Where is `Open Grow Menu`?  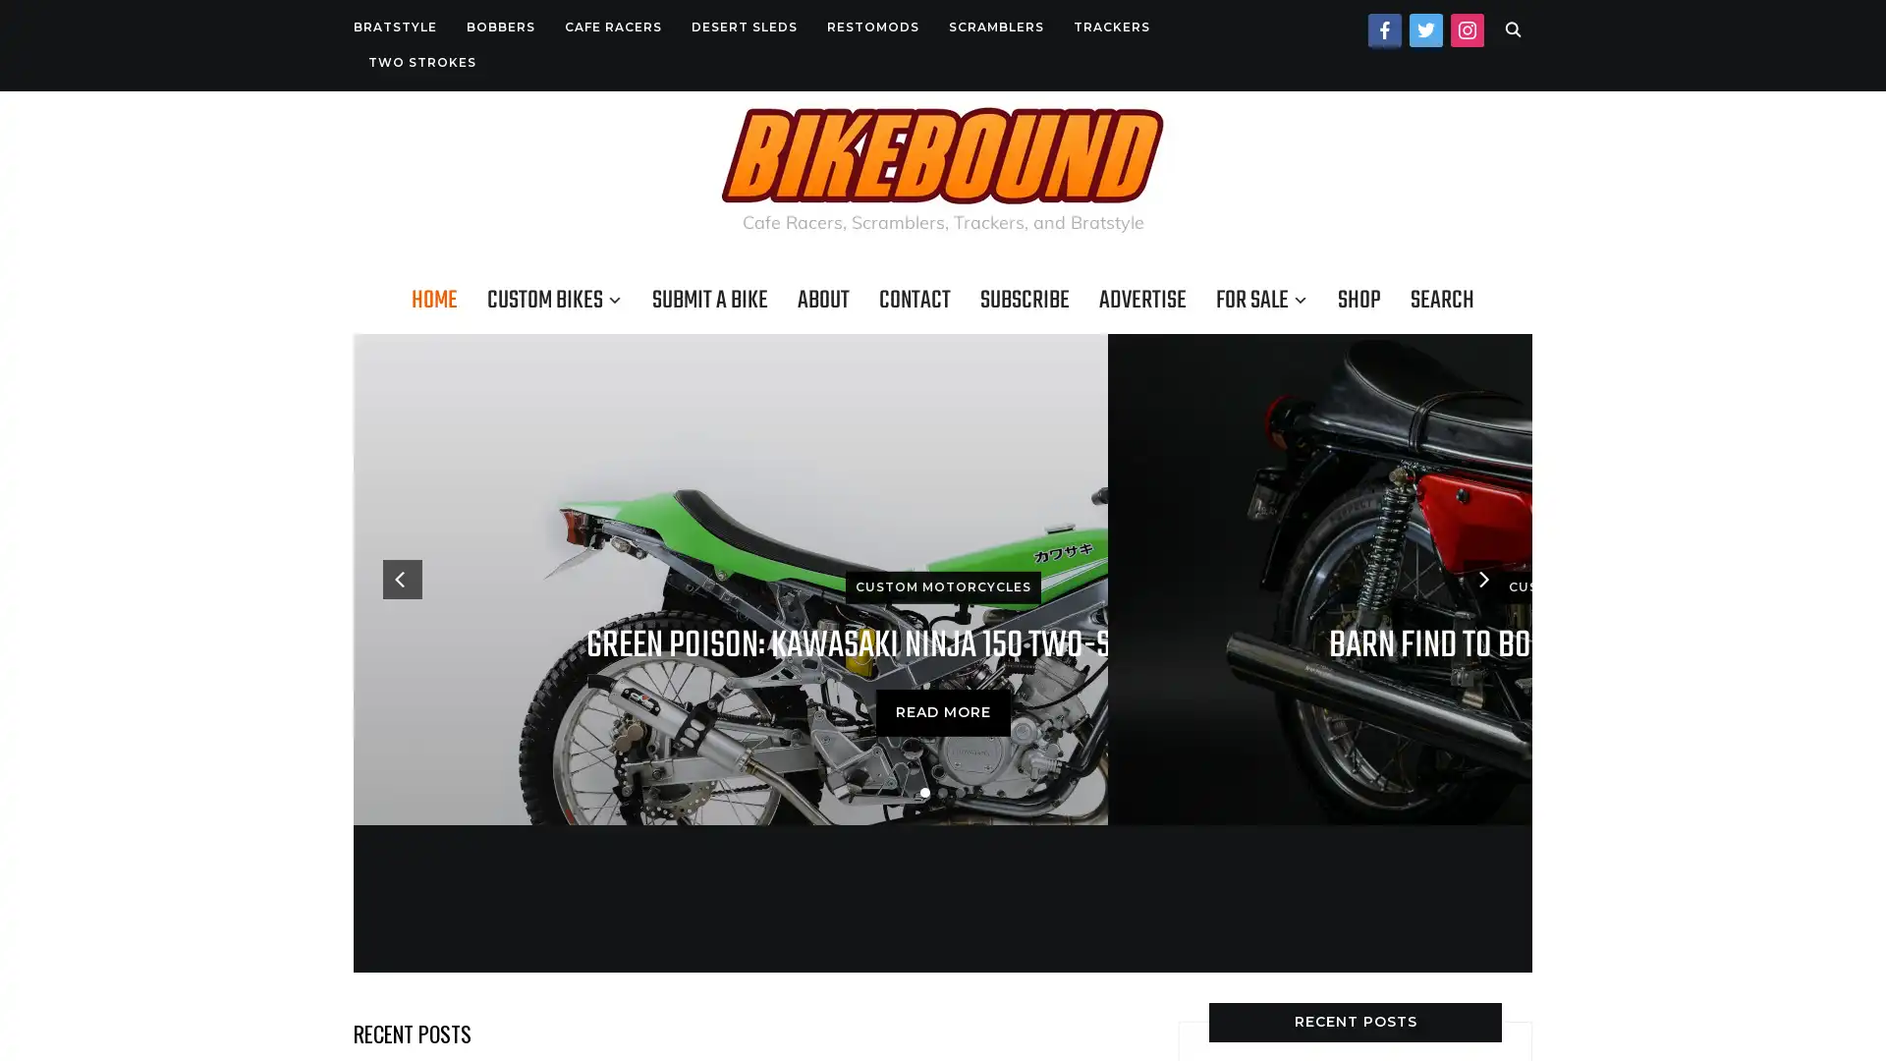
Open Grow Menu is located at coordinates (1846, 1021).